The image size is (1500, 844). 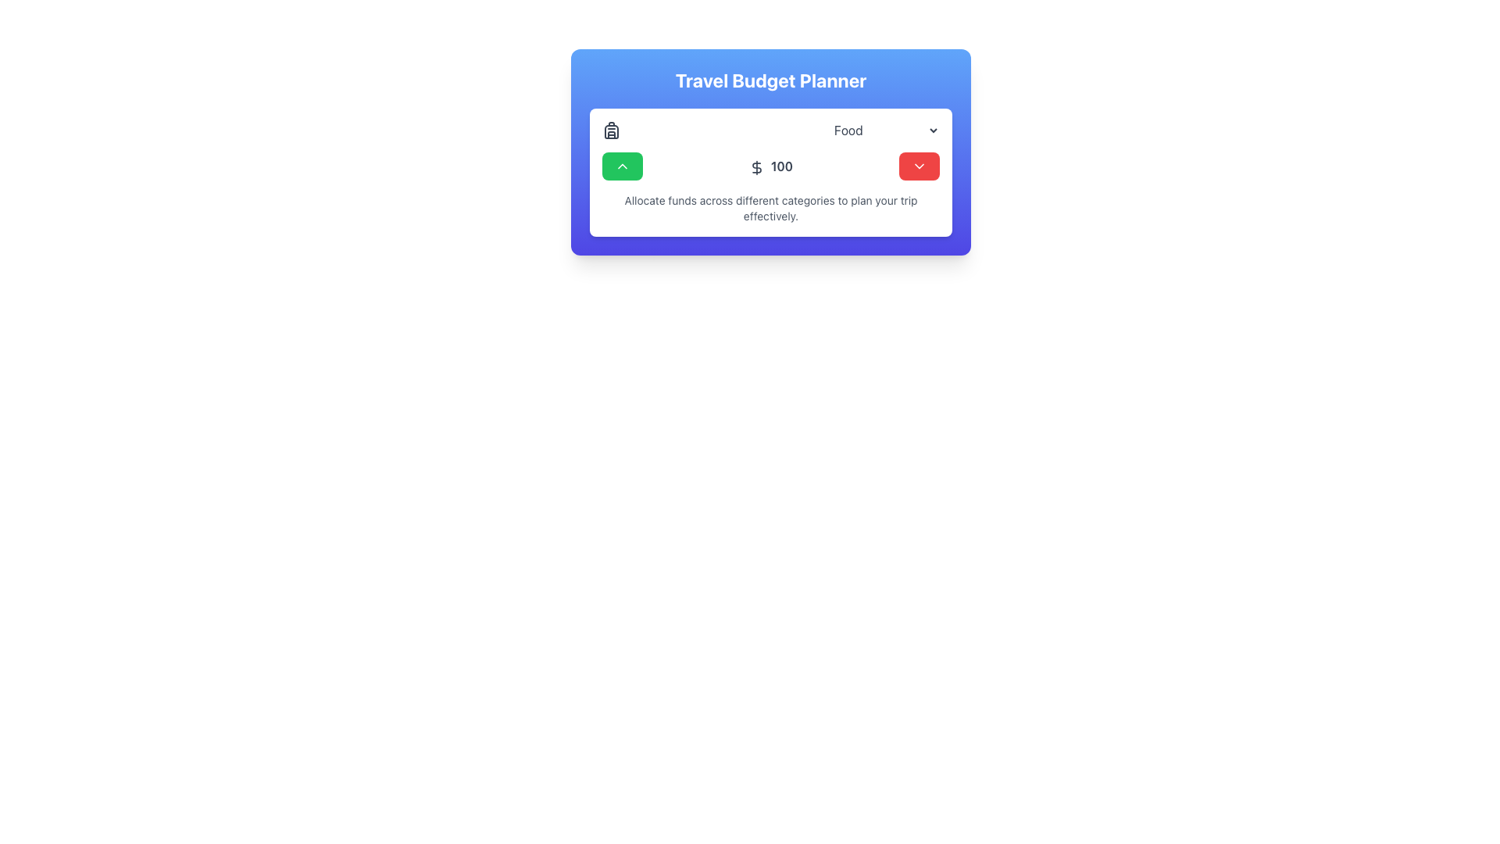 What do you see at coordinates (885, 129) in the screenshot?
I see `an option from the dropdown menu located in the categorized budgeting section, which is positioned centrally and near the top of the interface` at bounding box center [885, 129].